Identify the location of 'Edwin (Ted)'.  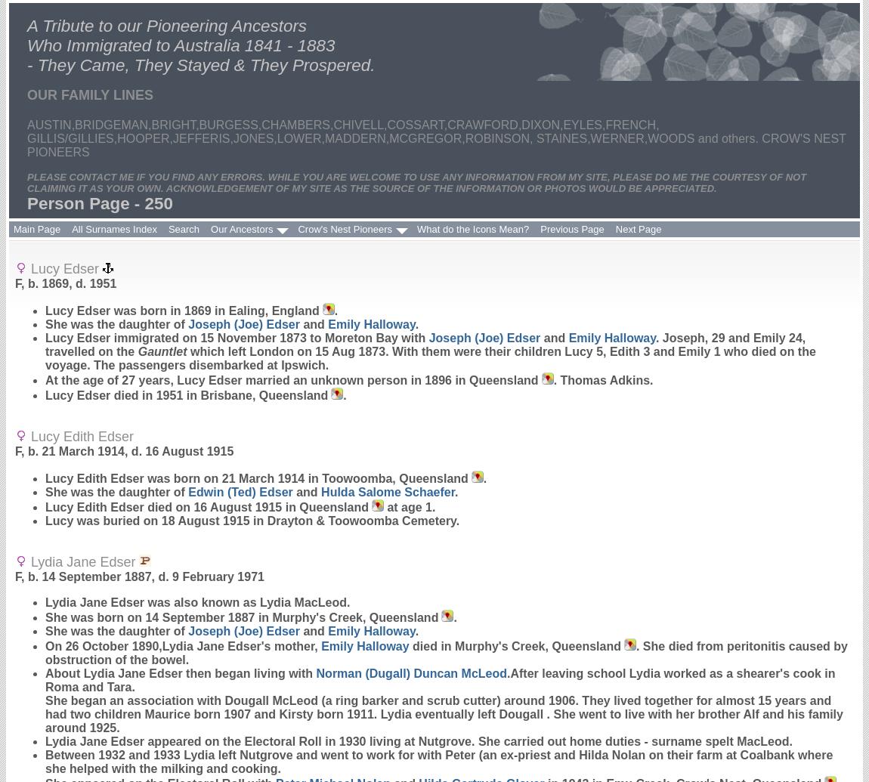
(187, 491).